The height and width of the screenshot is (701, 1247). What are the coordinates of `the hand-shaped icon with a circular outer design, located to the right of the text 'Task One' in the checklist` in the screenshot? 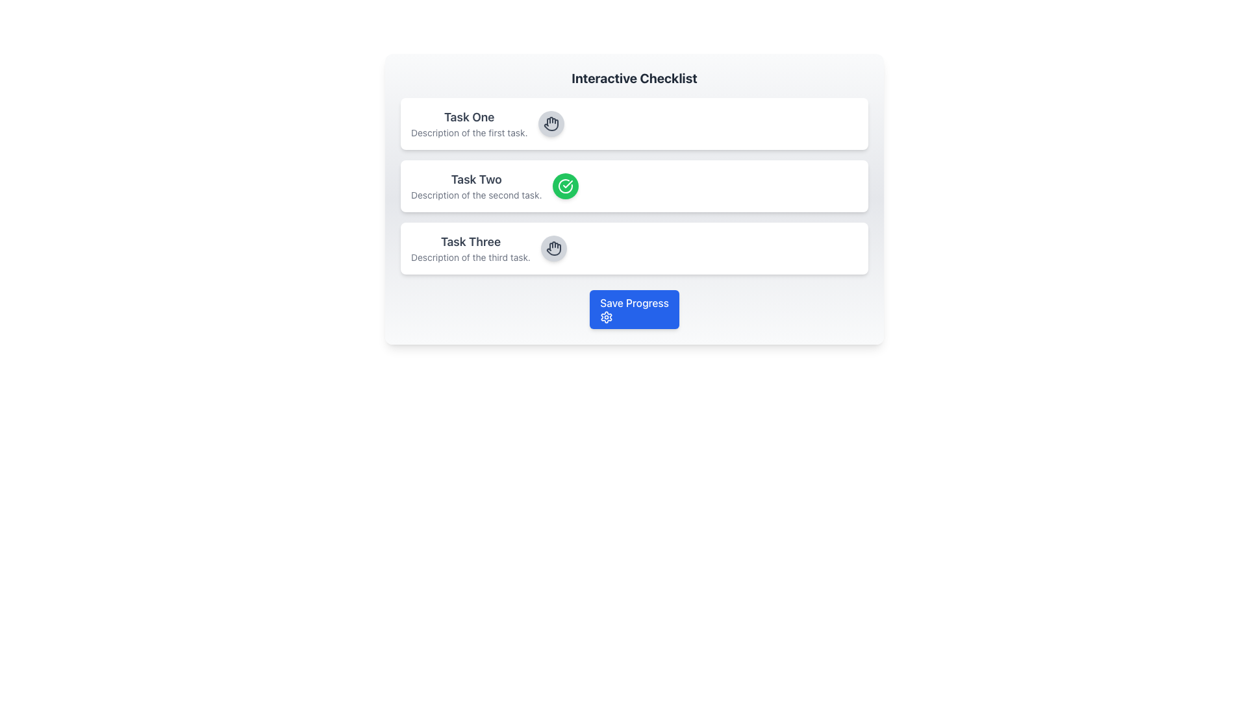 It's located at (554, 248).